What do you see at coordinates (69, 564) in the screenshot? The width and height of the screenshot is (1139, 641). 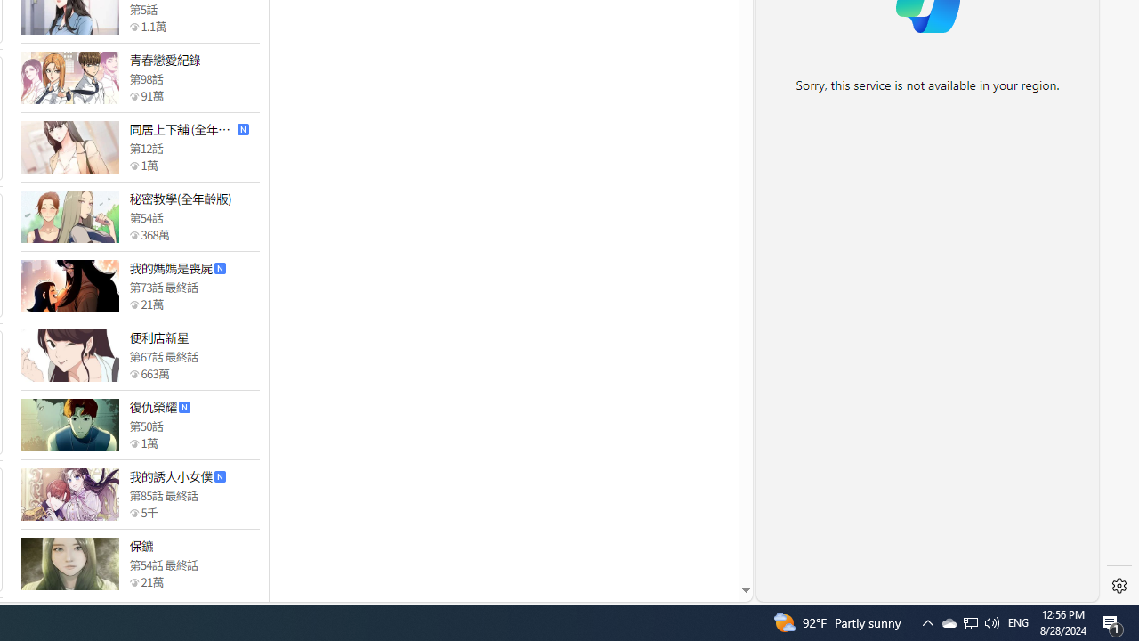 I see `'Class: thumb_img'` at bounding box center [69, 564].